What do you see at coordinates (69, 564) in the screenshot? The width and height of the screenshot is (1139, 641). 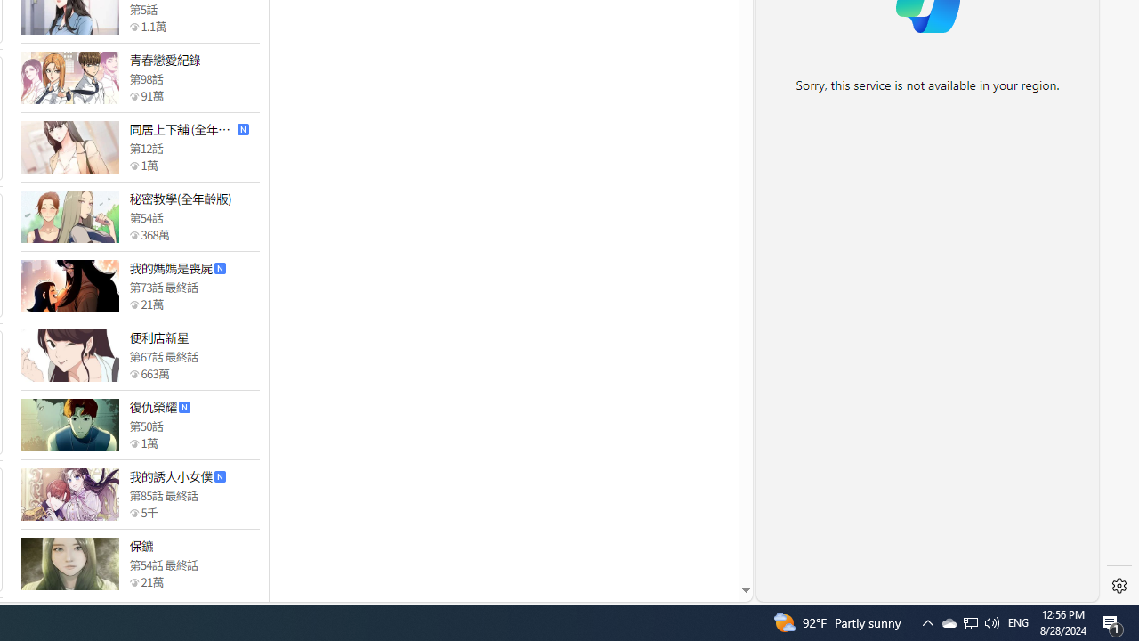 I see `'Class: thumb_img'` at bounding box center [69, 564].